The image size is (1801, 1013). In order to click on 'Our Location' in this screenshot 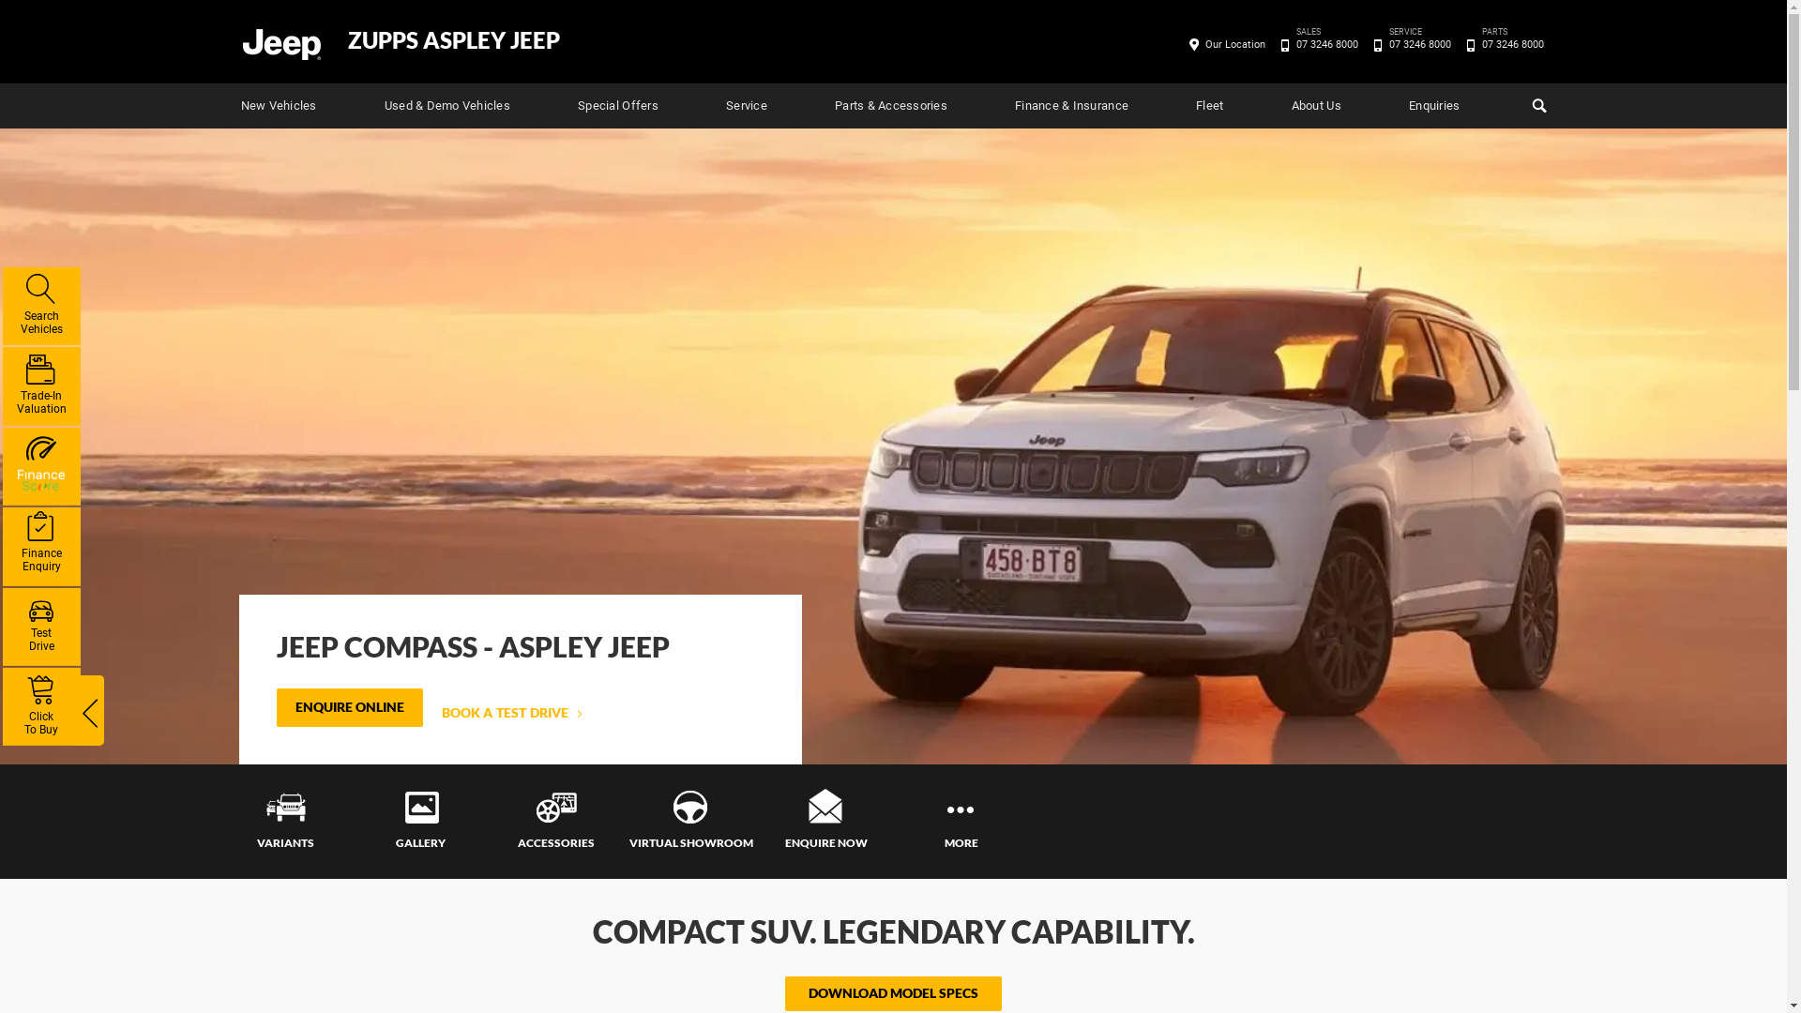, I will do `click(1234, 43)`.